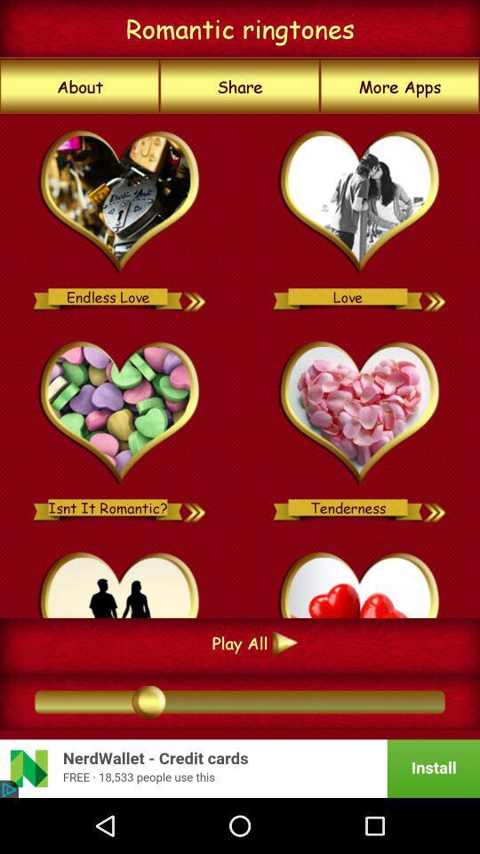  What do you see at coordinates (435, 296) in the screenshot?
I see `next` at bounding box center [435, 296].